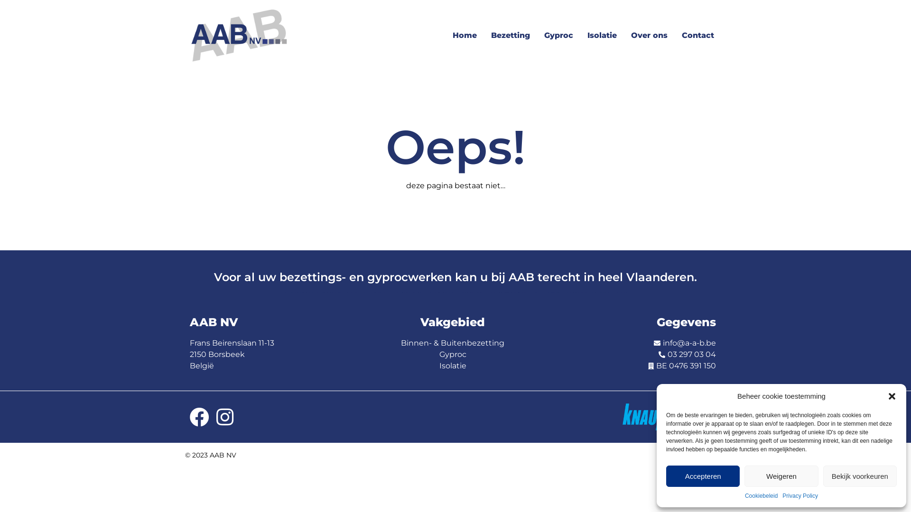  I want to click on 'Cookiebeleid', so click(761, 495).